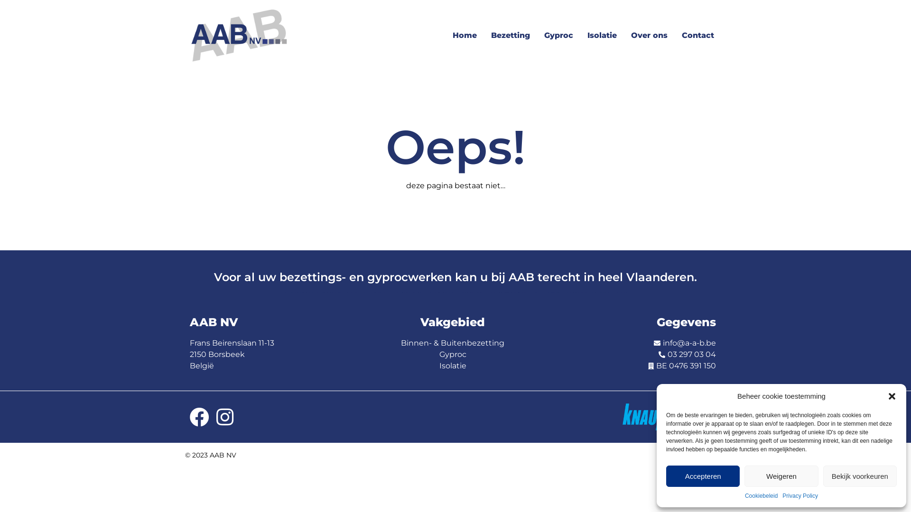  I want to click on 'Cookiebeleid', so click(761, 495).